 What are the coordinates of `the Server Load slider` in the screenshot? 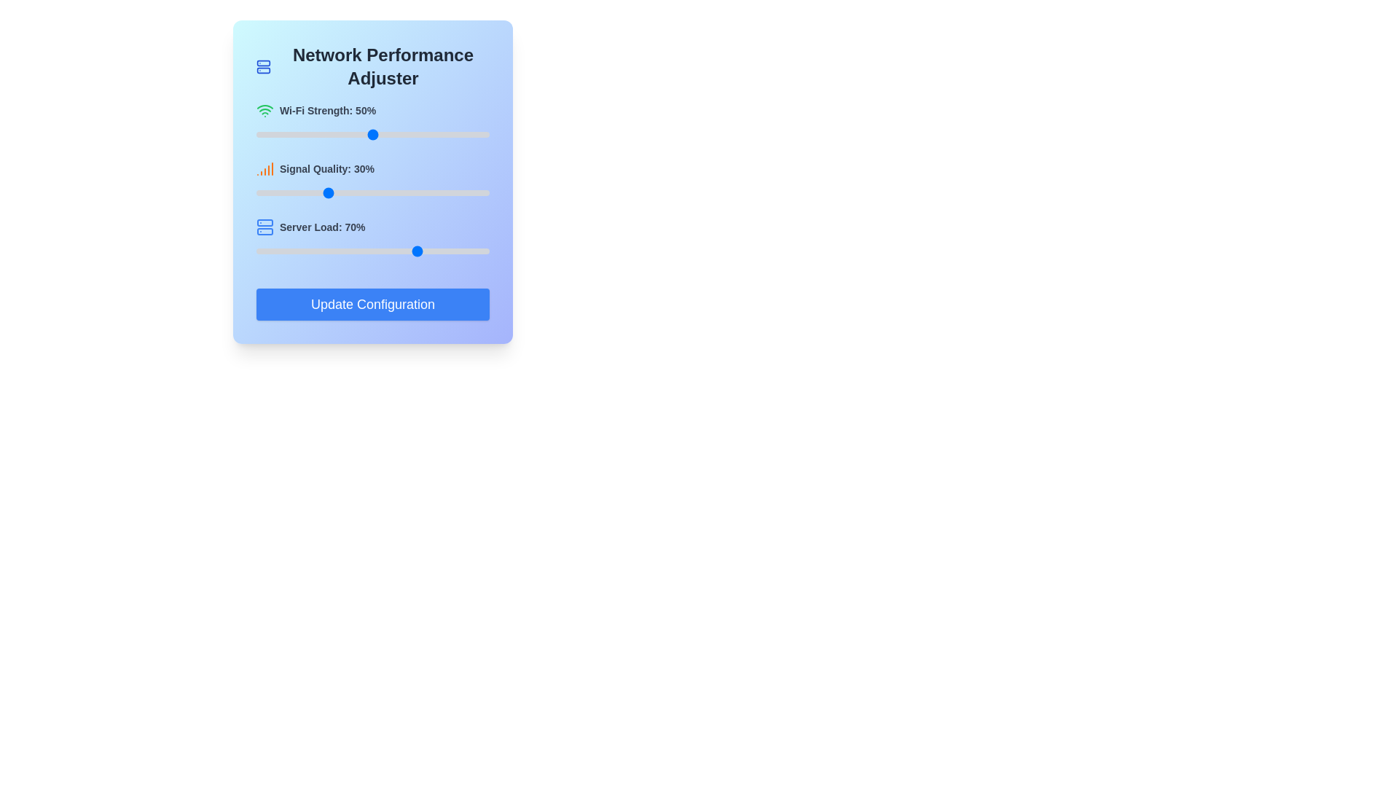 It's located at (328, 250).